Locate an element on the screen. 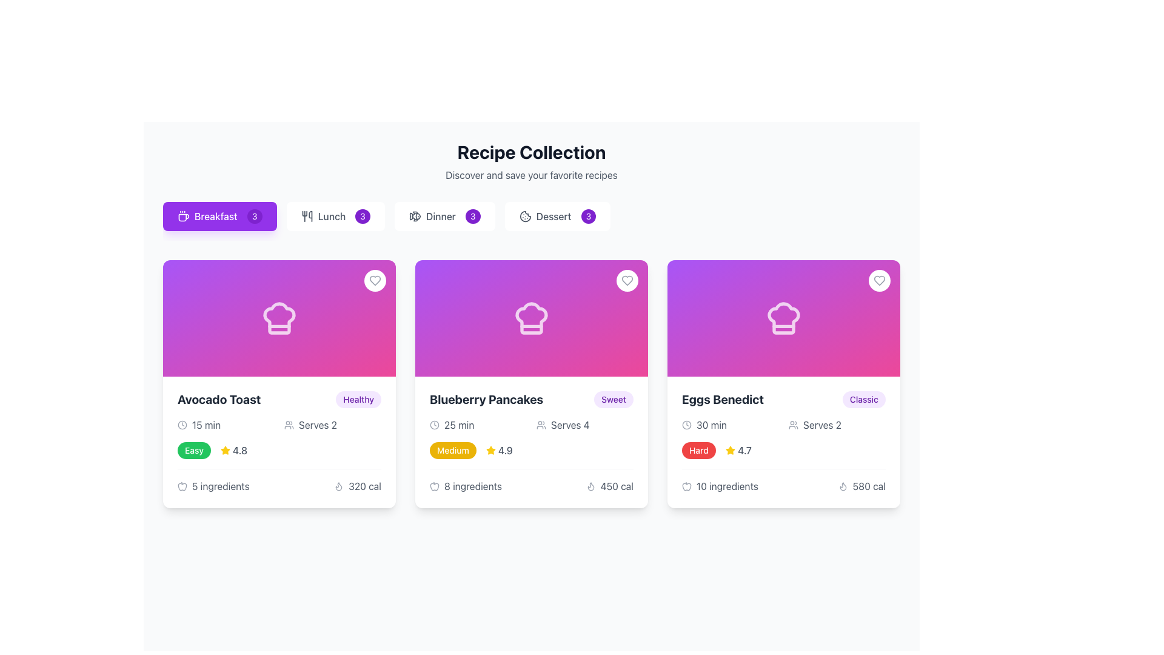  the chef's hat icon located at the center of the first card in the 'Recipe Collection' section, positioned above the 'Avocado Toast' text is located at coordinates (278, 317).